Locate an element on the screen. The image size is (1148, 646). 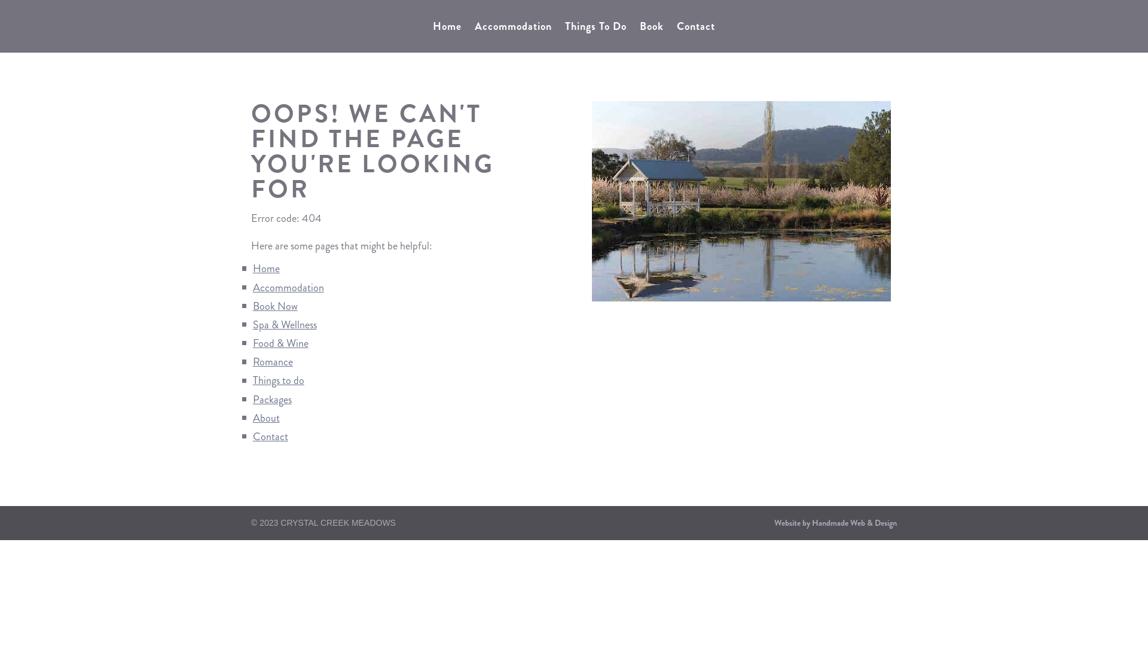
'Romance' is located at coordinates (272, 361).